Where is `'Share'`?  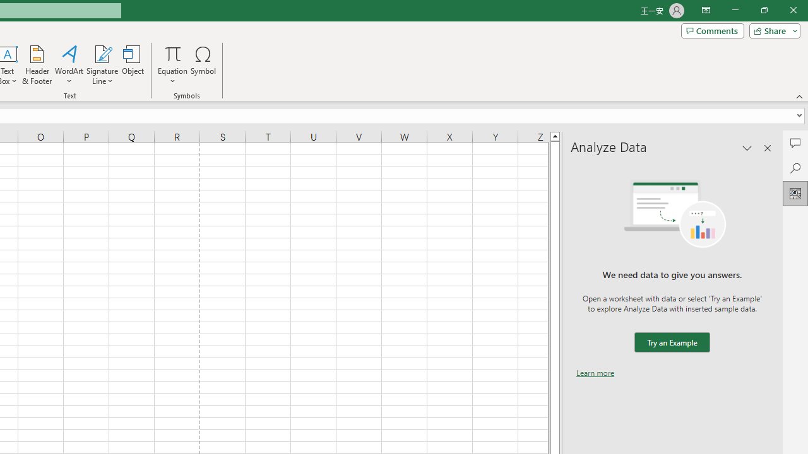
'Share' is located at coordinates (771, 30).